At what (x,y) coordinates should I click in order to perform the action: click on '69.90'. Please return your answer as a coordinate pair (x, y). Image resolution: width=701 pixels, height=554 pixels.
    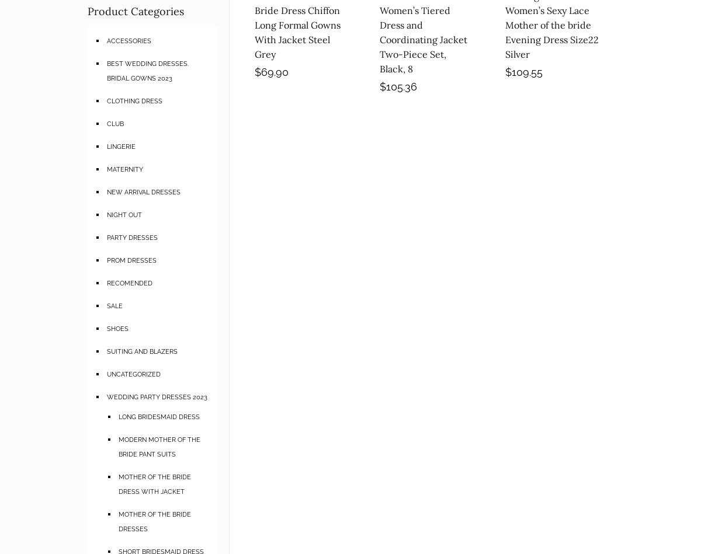
    Looking at the image, I should click on (274, 71).